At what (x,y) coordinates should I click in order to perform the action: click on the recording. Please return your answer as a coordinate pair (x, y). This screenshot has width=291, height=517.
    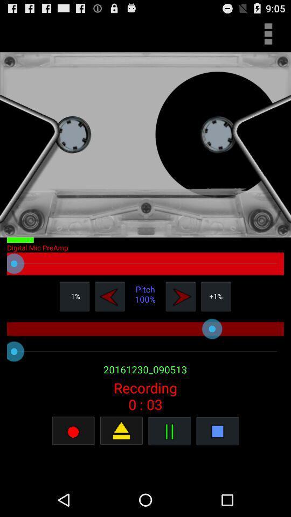
    Looking at the image, I should click on (121, 430).